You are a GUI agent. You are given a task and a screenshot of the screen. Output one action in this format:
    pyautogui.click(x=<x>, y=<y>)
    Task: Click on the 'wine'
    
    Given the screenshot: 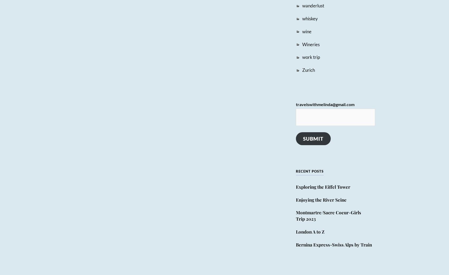 What is the action you would take?
    pyautogui.click(x=306, y=31)
    